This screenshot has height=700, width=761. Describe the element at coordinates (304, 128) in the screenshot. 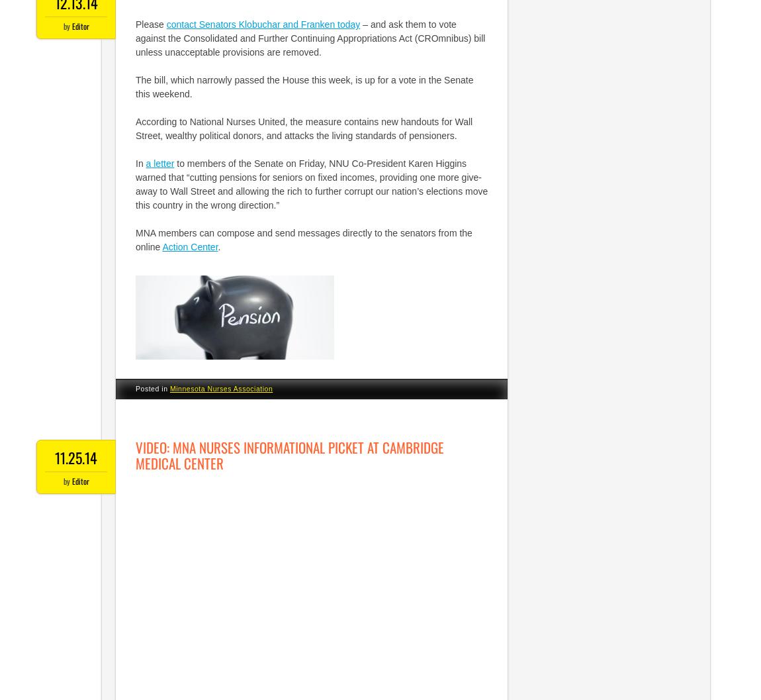

I see `'According to National Nurses United, the measure contains new handouts for Wall Street, wealthy political donors, and attacks the living standards of pensioners.'` at that location.